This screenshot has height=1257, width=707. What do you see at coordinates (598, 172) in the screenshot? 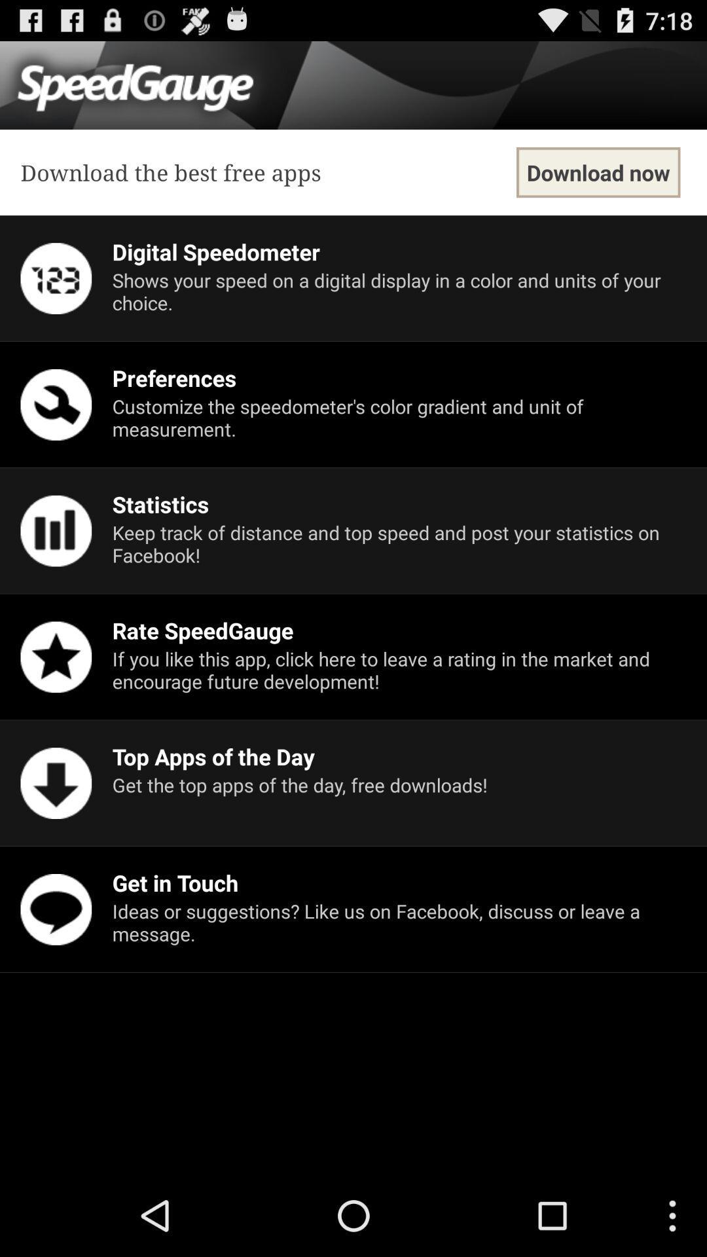
I see `app above the digital speedometer item` at bounding box center [598, 172].